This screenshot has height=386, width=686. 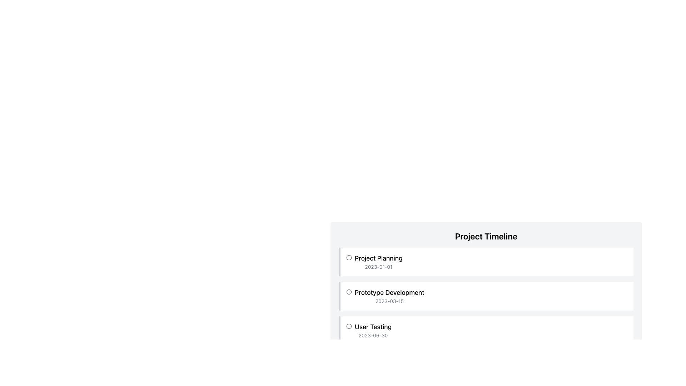 What do you see at coordinates (389, 301) in the screenshot?
I see `the small text label displaying the date '2023-03-15' in light gray font, located below the title 'Prototype Development'` at bounding box center [389, 301].